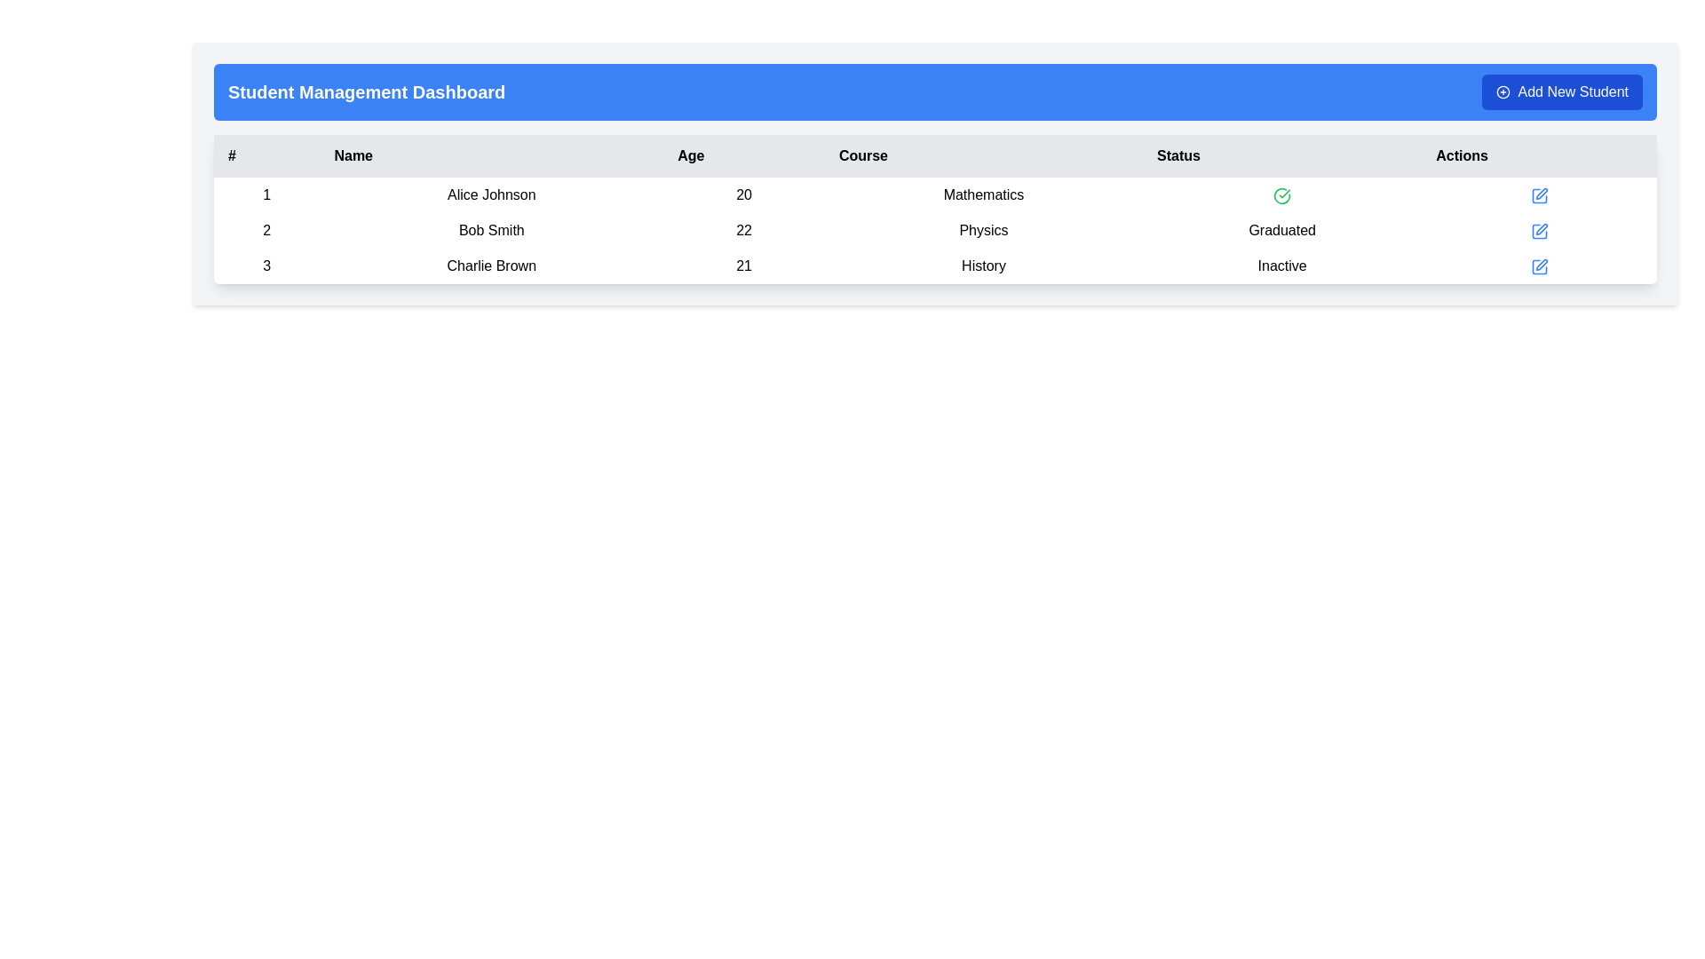 The image size is (1705, 959). I want to click on the blue circle icon with a white plus sign, so click(1503, 92).